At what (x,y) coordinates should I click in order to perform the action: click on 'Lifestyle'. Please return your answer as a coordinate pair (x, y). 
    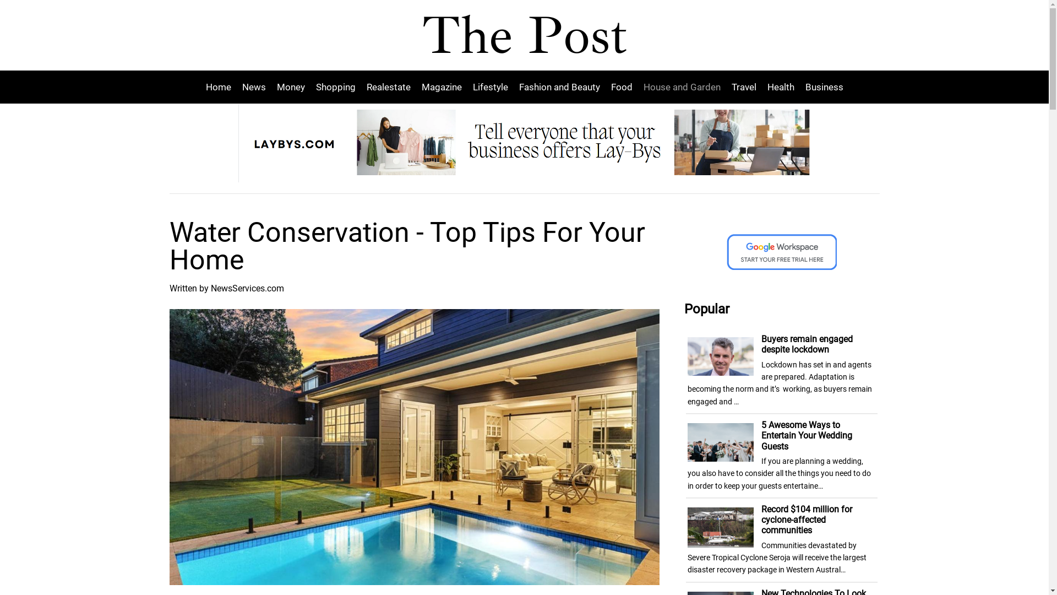
    Looking at the image, I should click on (489, 86).